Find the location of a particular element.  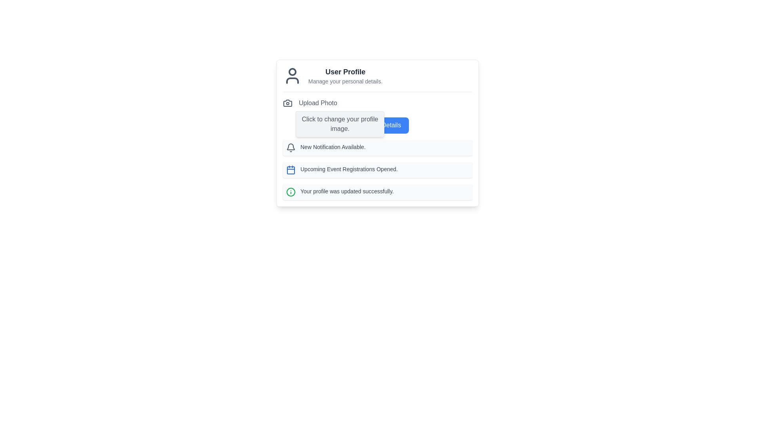

the camera icon located to the left of the 'Upload Photo' text is located at coordinates (287, 103).